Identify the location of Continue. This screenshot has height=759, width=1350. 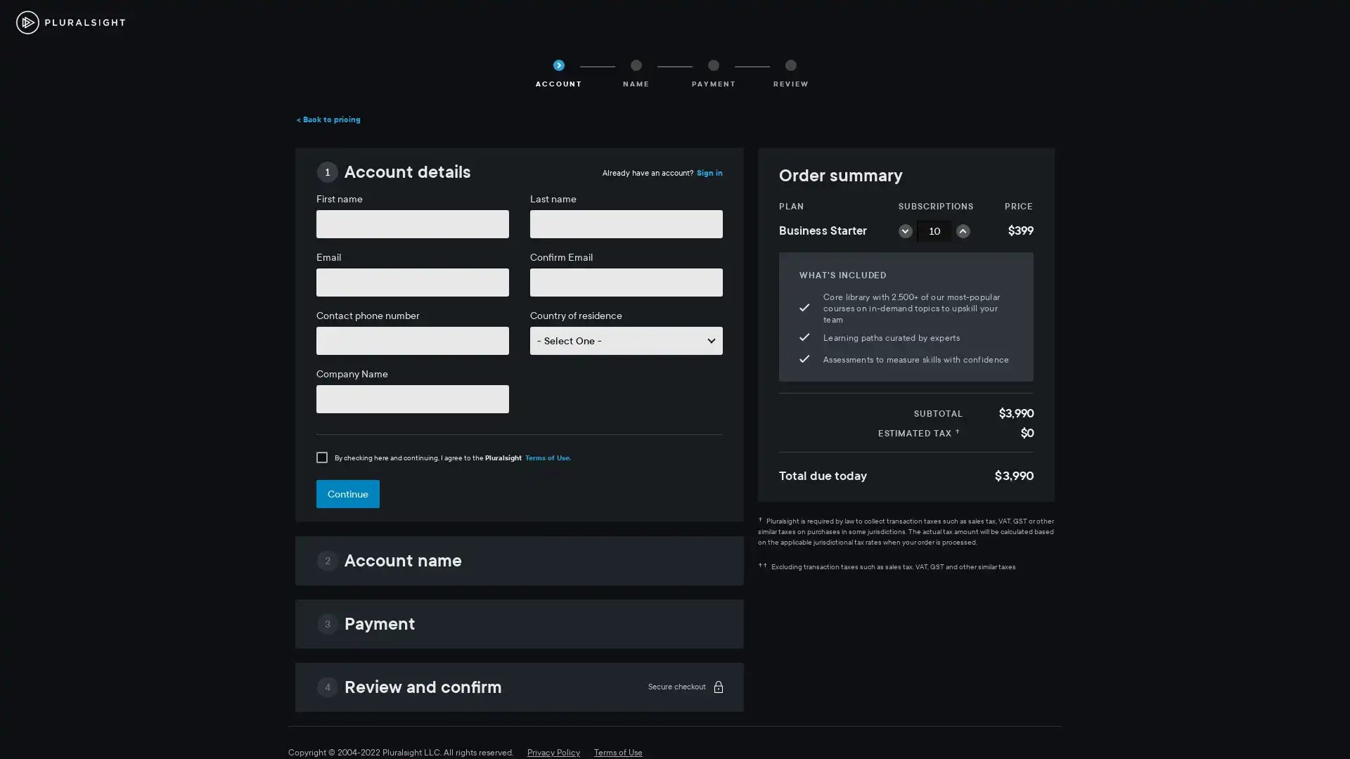
(347, 493).